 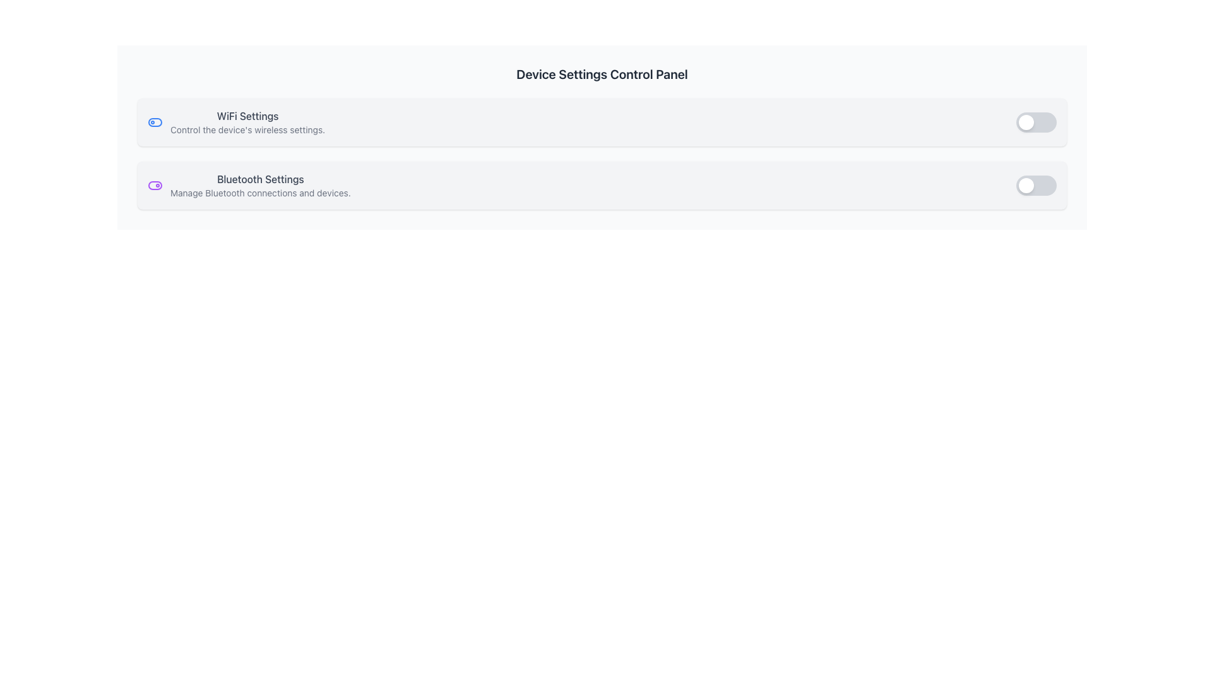 I want to click on the 'WiFi Settings' text label, which includes a title in medium bold font and supporting text, located towards the top of the interface, so click(x=247, y=122).